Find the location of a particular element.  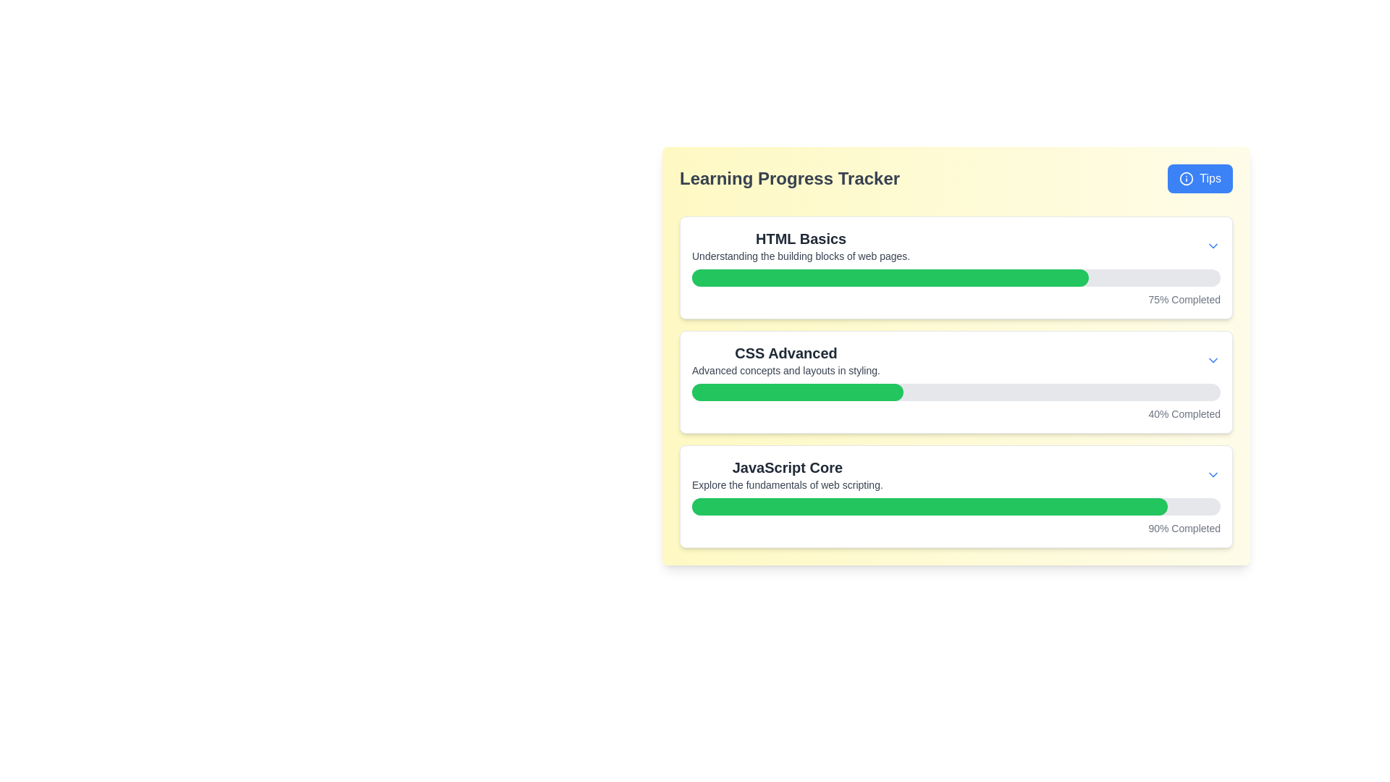

the text label 'JavaScript Core', which serves as the primary heading indicating the main topic of the content in the Learning Progress Tracker is located at coordinates (786, 467).